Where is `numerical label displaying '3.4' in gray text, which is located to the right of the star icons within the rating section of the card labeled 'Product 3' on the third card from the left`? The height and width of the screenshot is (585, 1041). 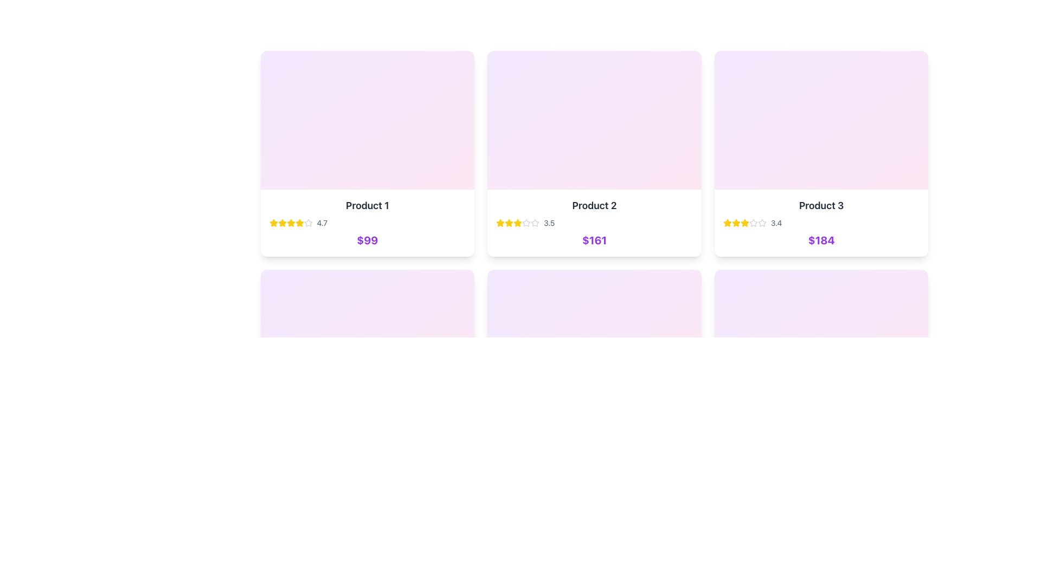 numerical label displaying '3.4' in gray text, which is located to the right of the star icons within the rating section of the card labeled 'Product 3' on the third card from the left is located at coordinates (776, 223).